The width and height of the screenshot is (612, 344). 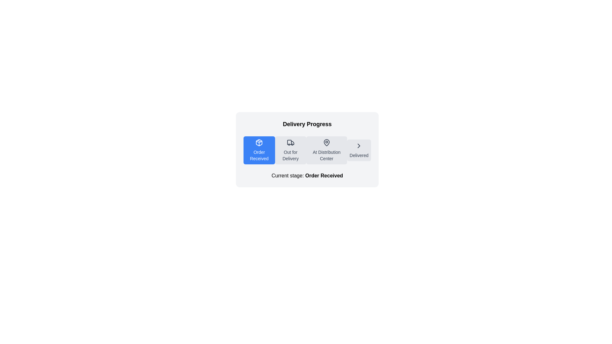 I want to click on the arrow icon pointing to the right, located to the right of the 'Delivered' label in the Delivery Progress bar, so click(x=359, y=146).